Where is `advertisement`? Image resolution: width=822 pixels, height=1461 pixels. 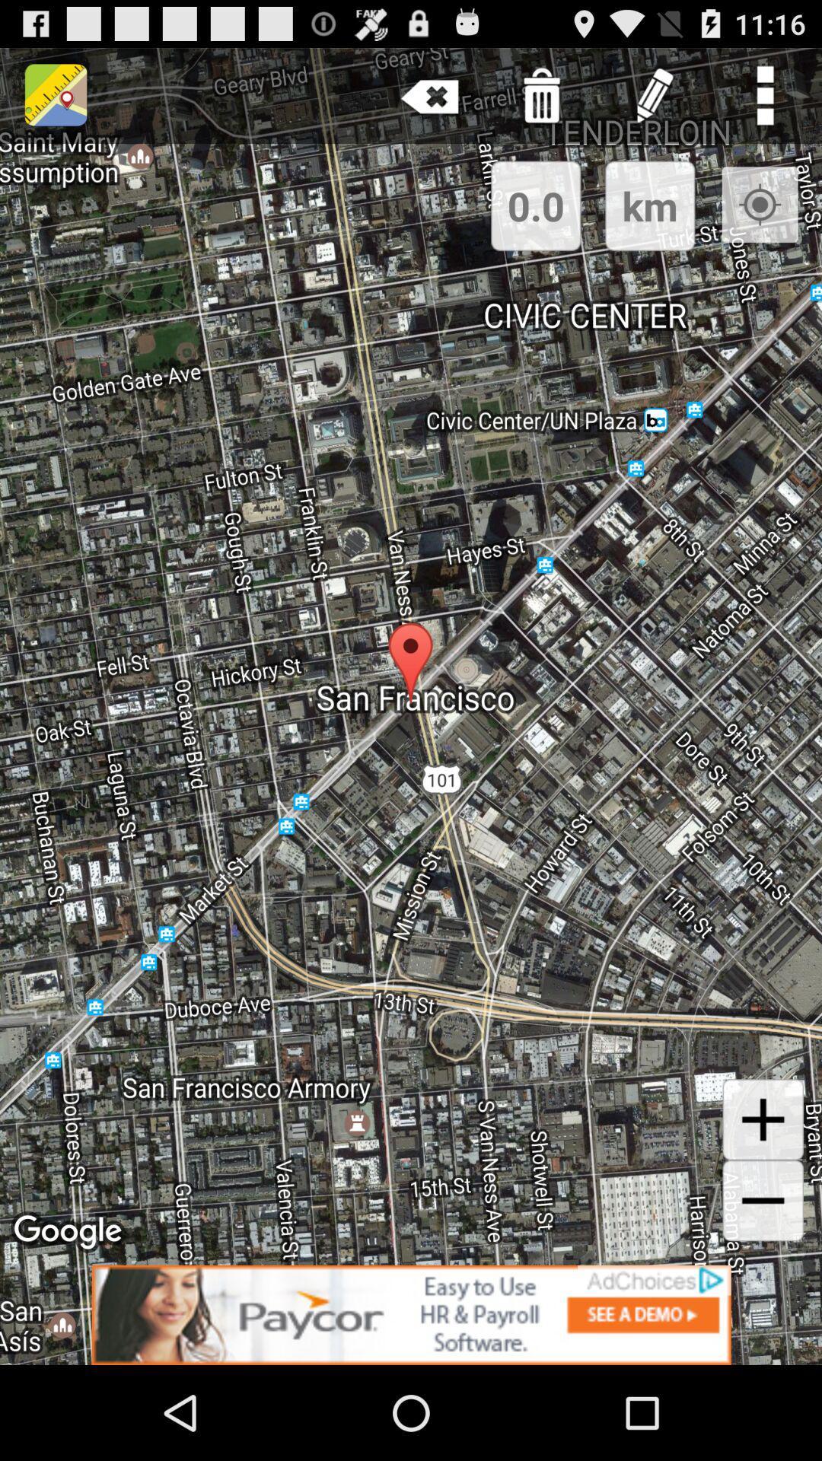 advertisement is located at coordinates (411, 1314).